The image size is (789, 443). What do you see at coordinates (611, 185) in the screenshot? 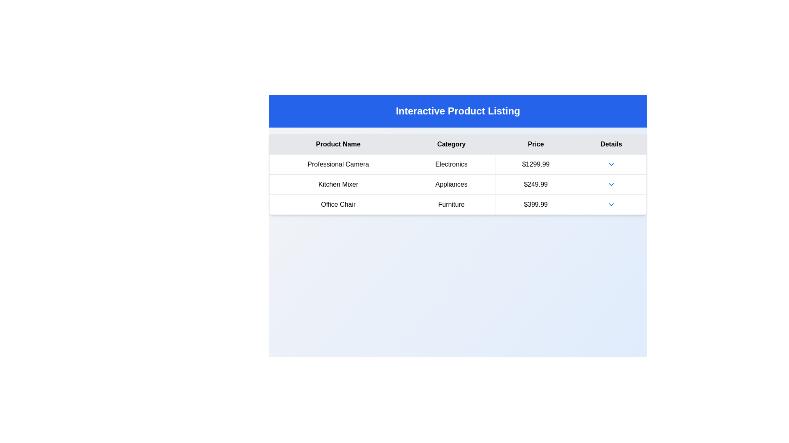
I see `the Dropdown Indicator, represented by an upward-downward chevron symbol in the 'Details' column of the 'Interactive Product Listing' table for the 'Kitchen Mixer' product` at bounding box center [611, 185].